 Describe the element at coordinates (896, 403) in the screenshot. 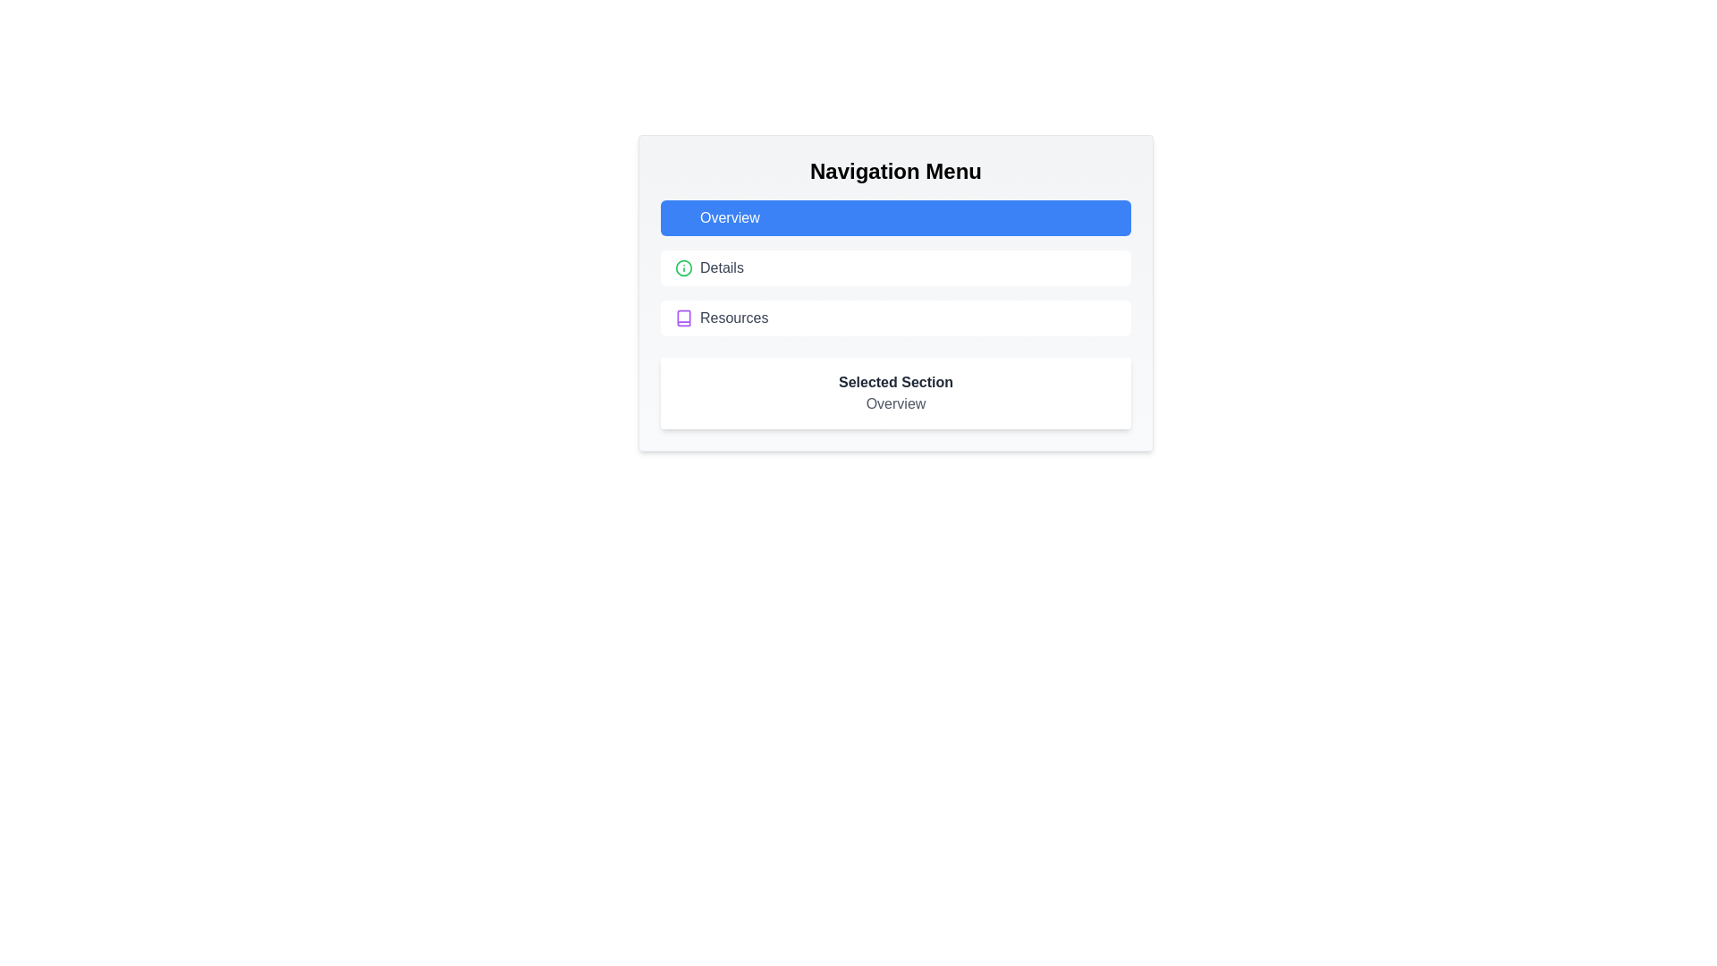

I see `the text label that describes the current selected section, located within a white, rounded-corner card near the bottom of the central navigation menu area` at that location.